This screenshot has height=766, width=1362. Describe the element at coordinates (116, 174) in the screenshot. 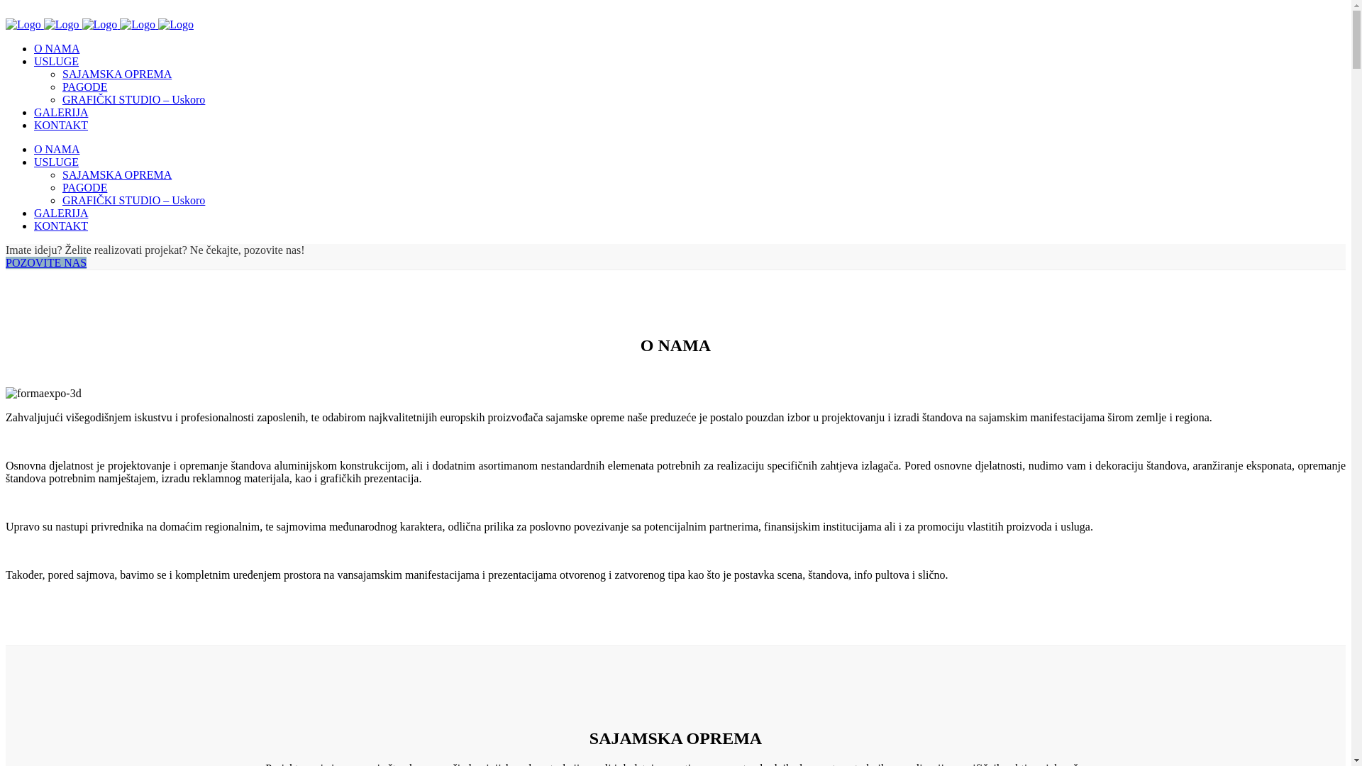

I see `'SAJAMSKA OPREMA'` at that location.